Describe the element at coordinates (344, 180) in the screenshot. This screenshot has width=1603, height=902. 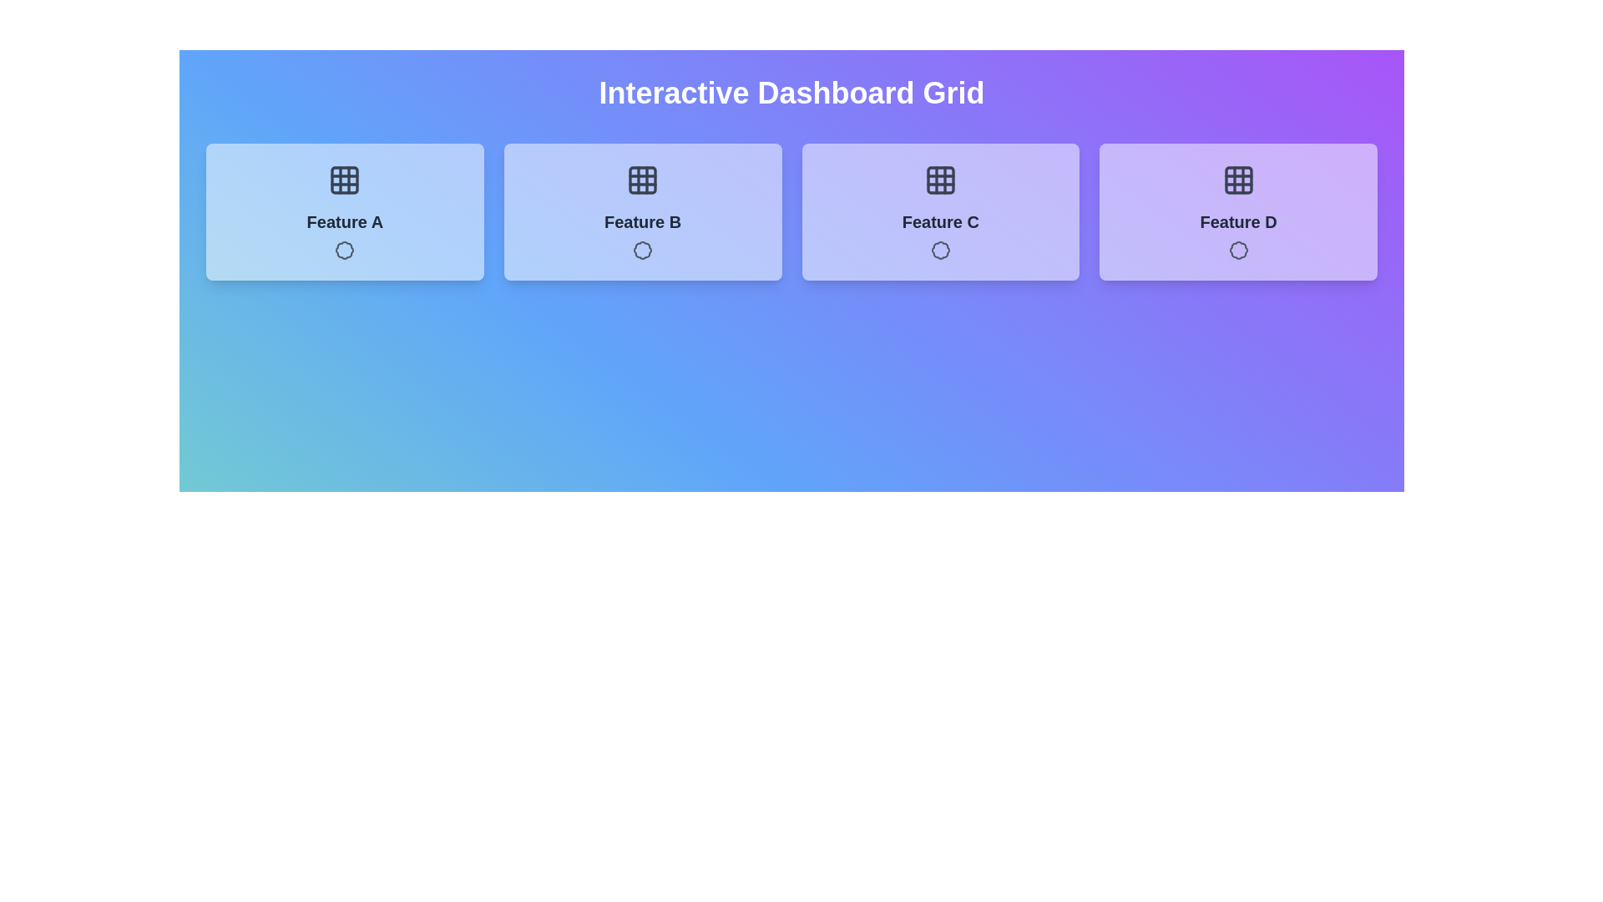
I see `the 3x3 grid icon with rounded corners, which is located within the blue card labeled 'Feature A' at the top of the interface` at that location.